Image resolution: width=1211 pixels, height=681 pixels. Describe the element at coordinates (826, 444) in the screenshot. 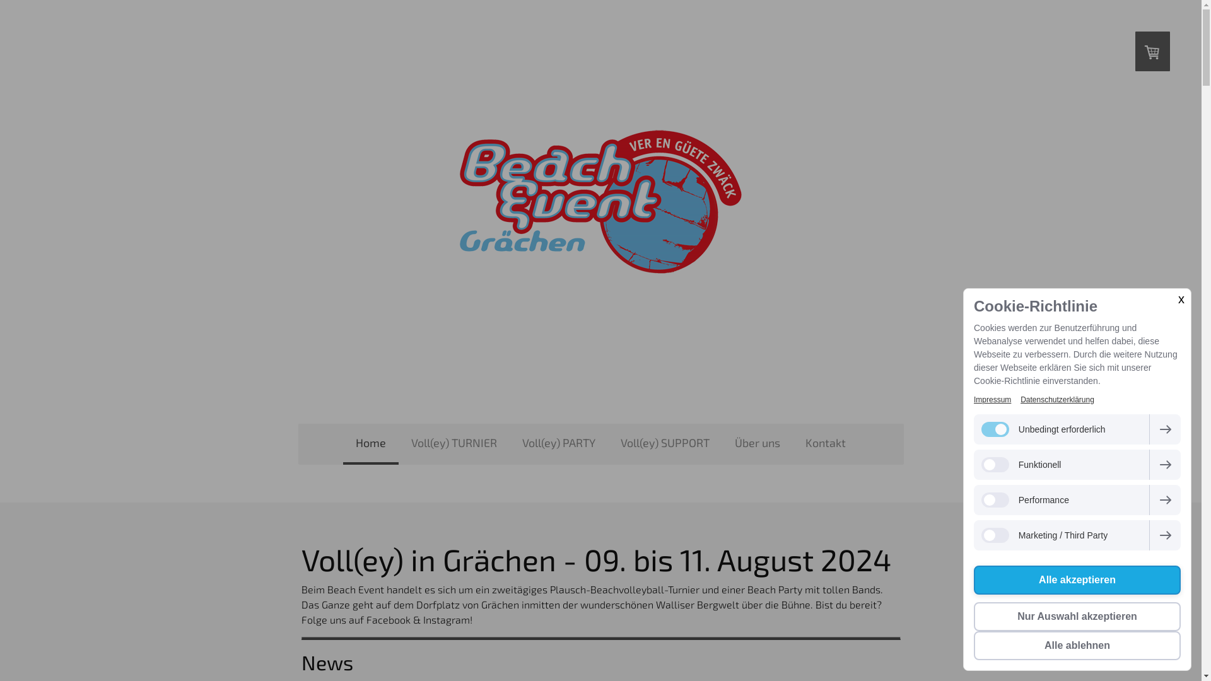

I see `'Kontakt'` at that location.